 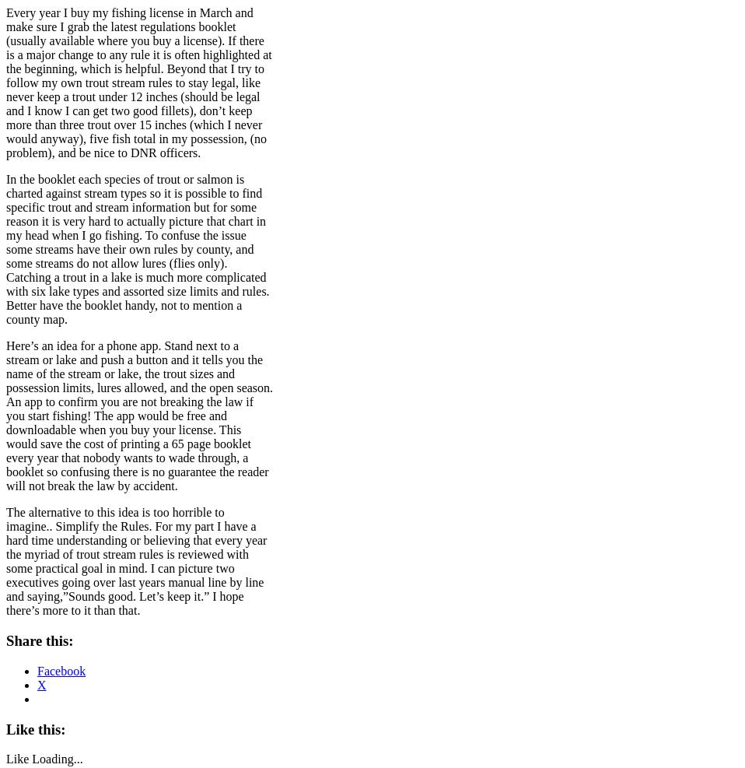 I want to click on 'X', so click(x=40, y=683).